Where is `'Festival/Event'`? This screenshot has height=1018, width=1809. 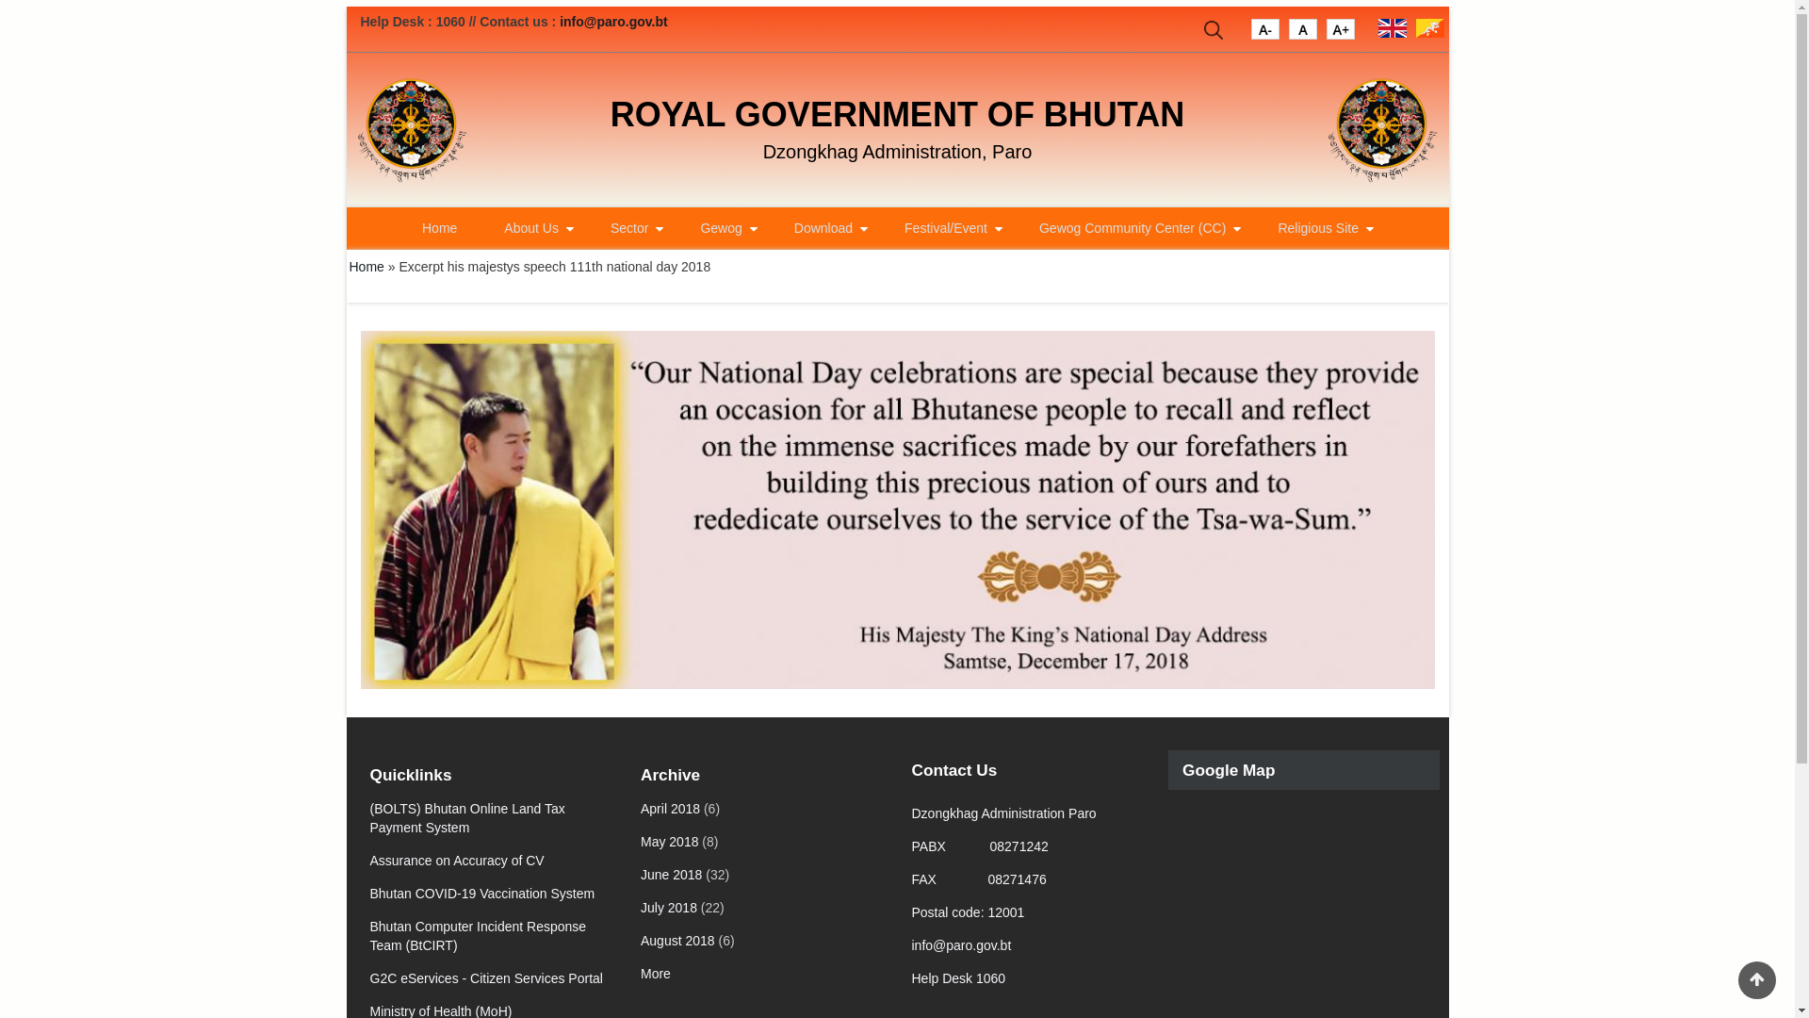
'Festival/Event' is located at coordinates (948, 227).